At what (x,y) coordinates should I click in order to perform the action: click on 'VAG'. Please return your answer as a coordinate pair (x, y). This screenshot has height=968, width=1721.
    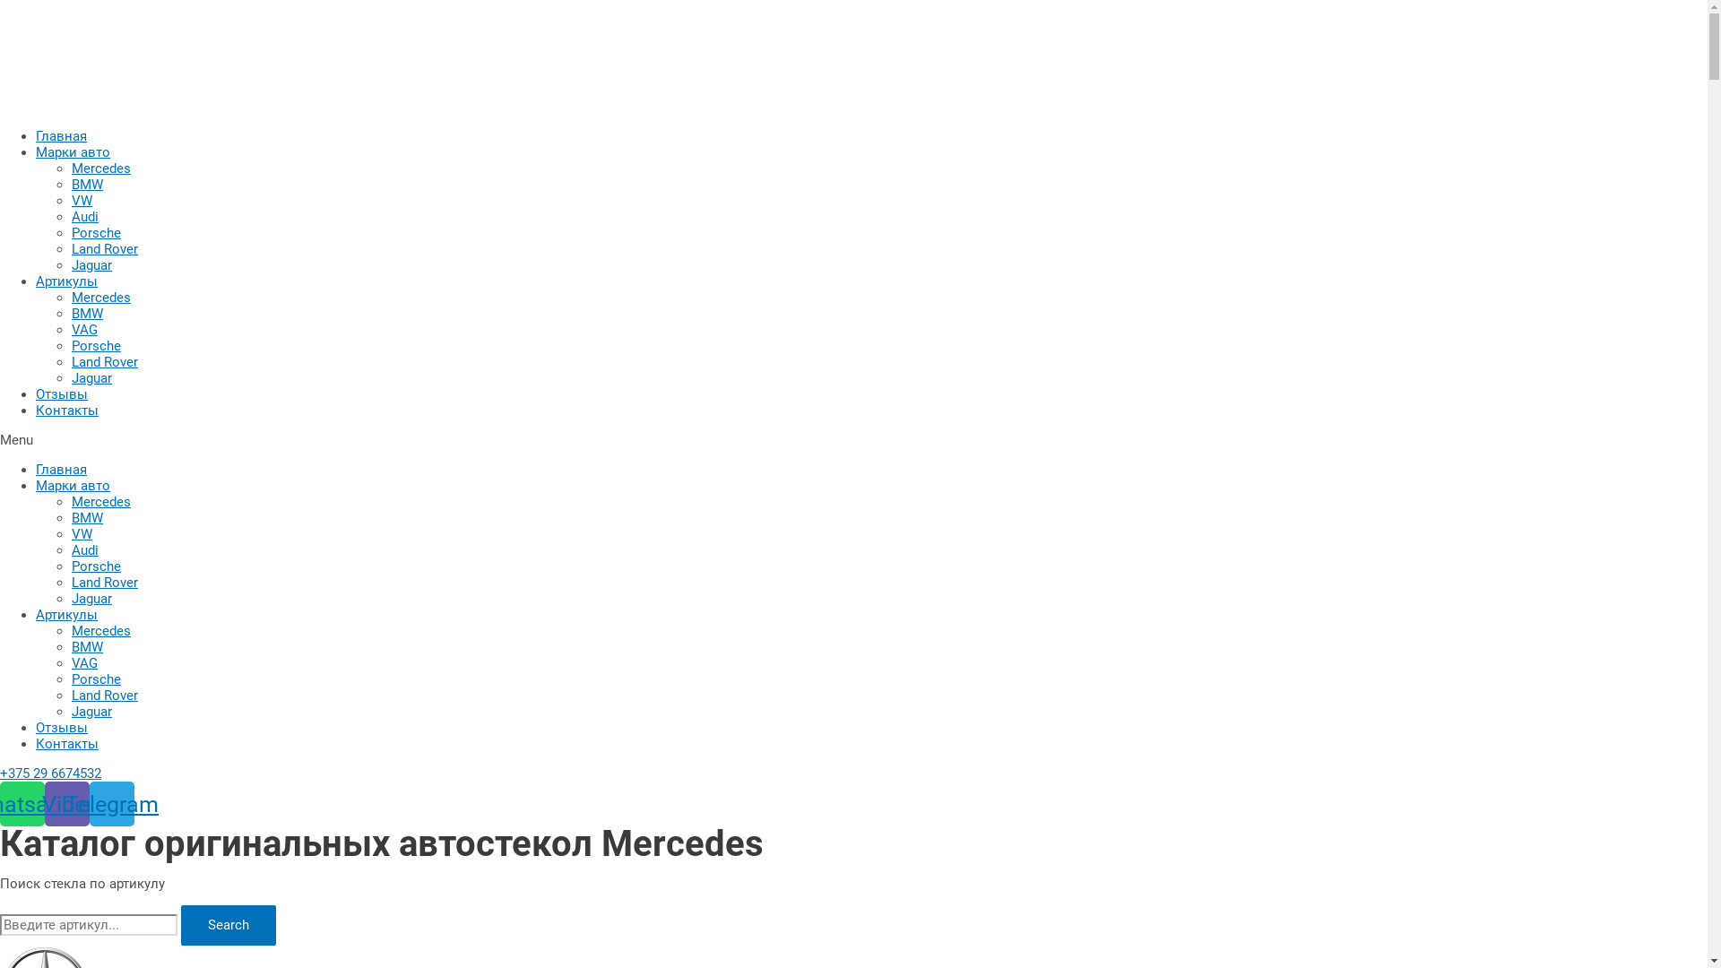
    Looking at the image, I should click on (83, 329).